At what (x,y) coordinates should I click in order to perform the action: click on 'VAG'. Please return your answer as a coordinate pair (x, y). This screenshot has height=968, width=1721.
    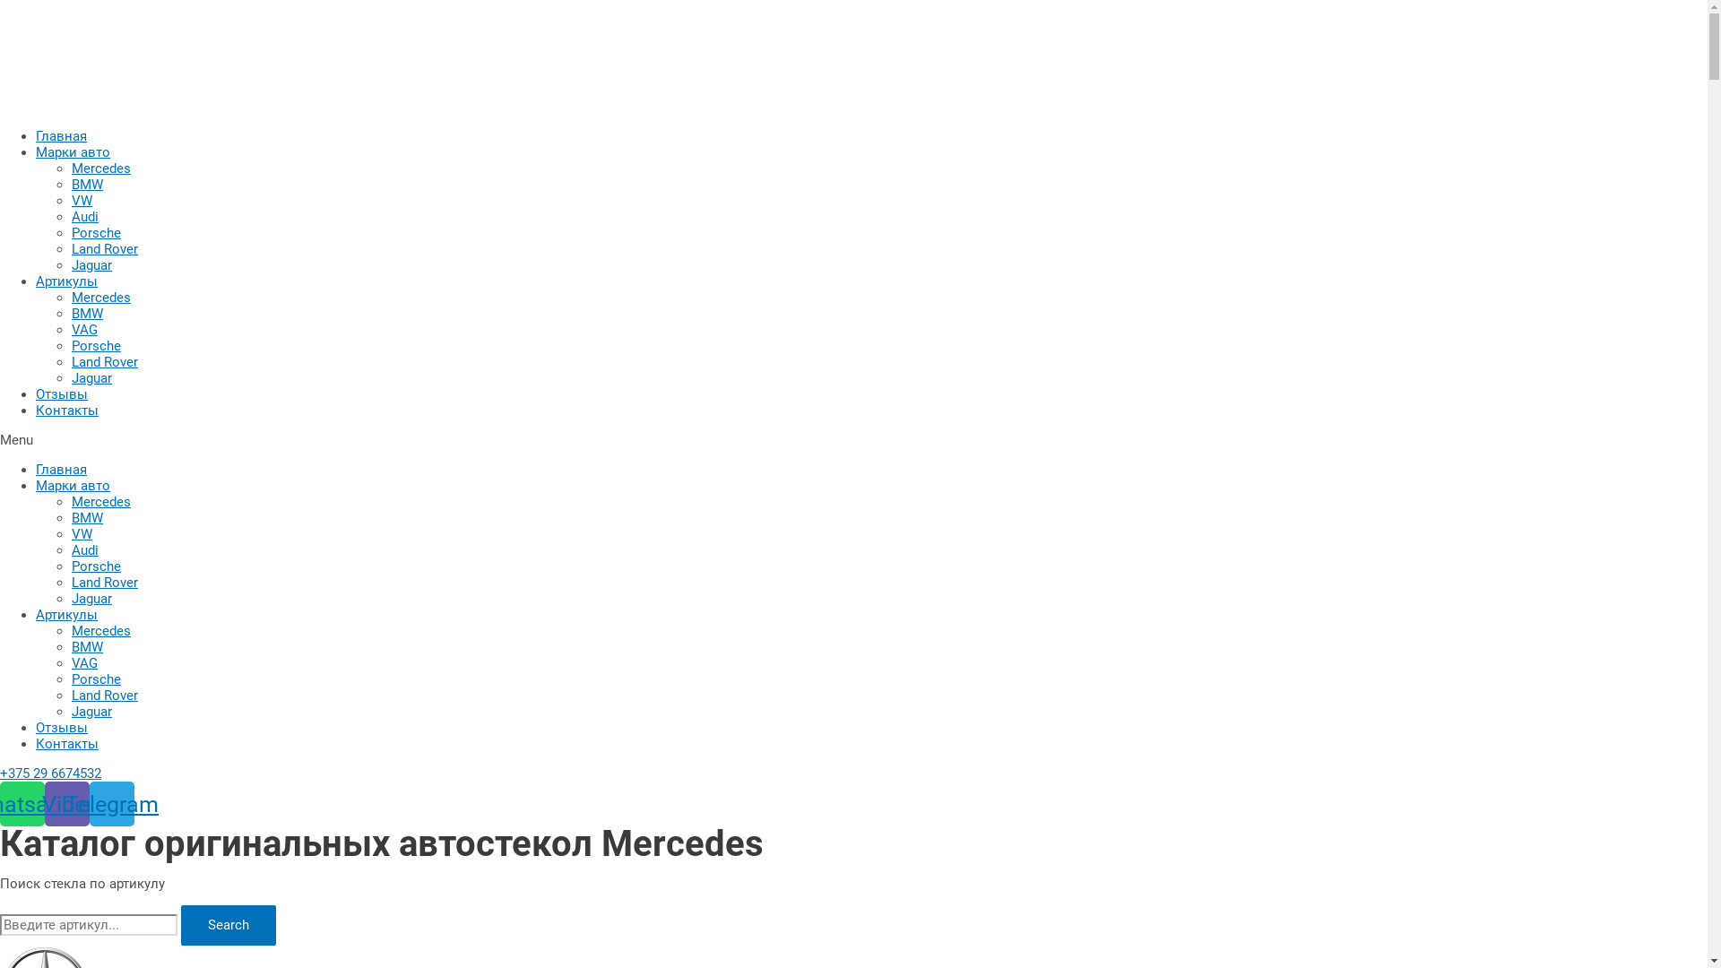
    Looking at the image, I should click on (83, 329).